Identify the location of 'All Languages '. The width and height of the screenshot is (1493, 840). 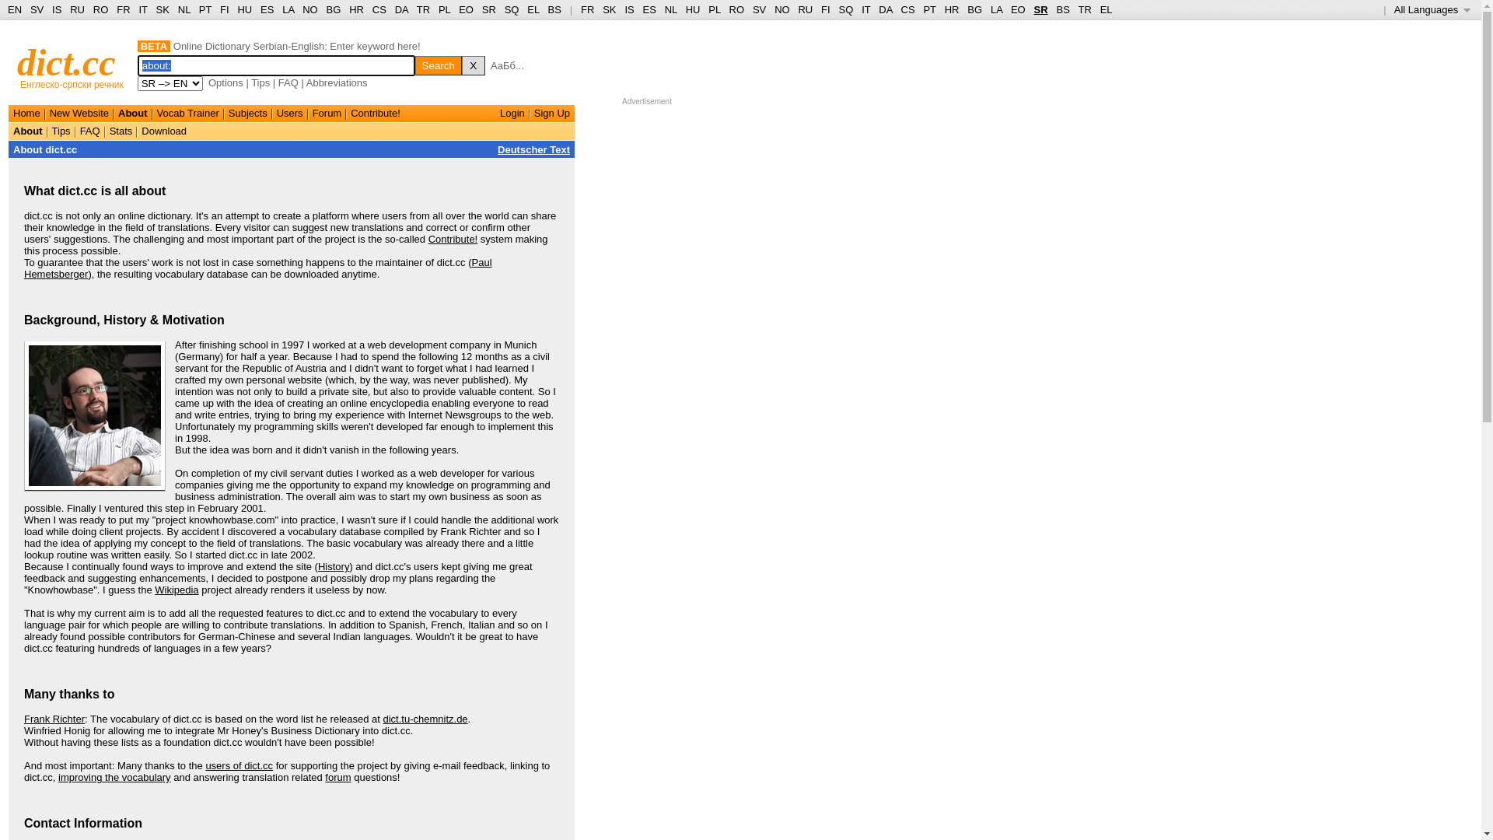
(1394, 9).